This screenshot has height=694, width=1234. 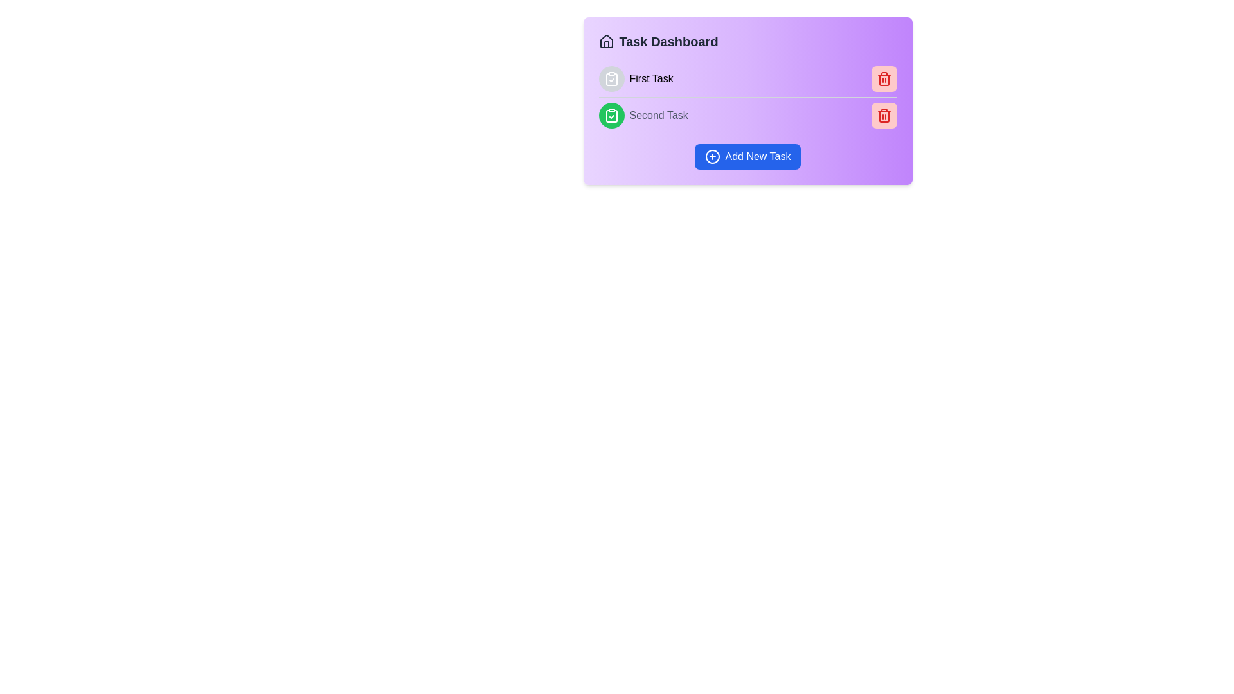 I want to click on the red trash icon, so click(x=883, y=79).